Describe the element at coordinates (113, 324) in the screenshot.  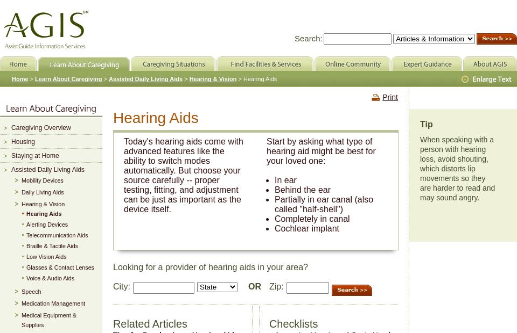
I see `'Related Articles'` at that location.